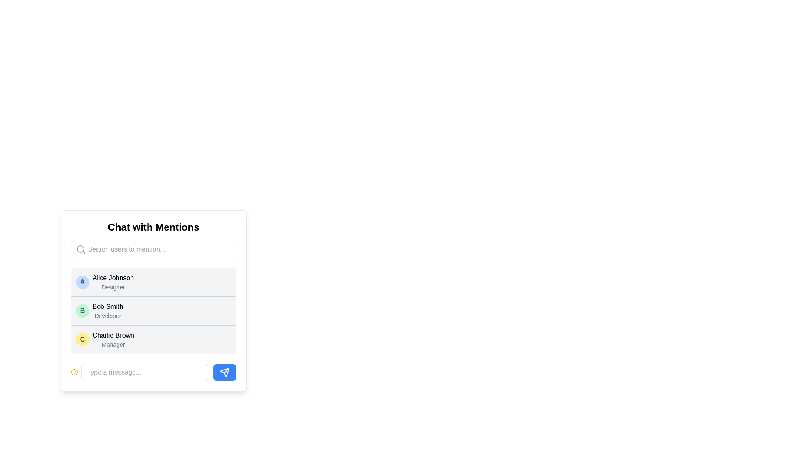 The height and width of the screenshot is (449, 798). What do you see at coordinates (107, 316) in the screenshot?
I see `the text display that provides additional information about the user 'Bob Smith', which is positioned directly below the name in the second entry of a vertically stacked list of user items` at bounding box center [107, 316].